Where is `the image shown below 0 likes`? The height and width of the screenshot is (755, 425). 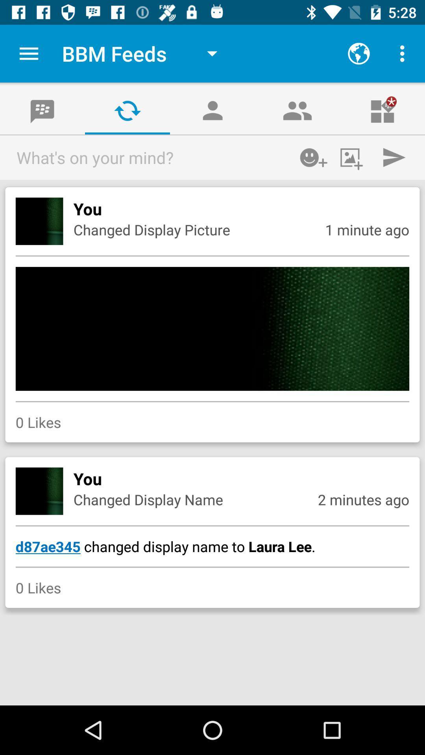
the image shown below 0 likes is located at coordinates (39, 491).